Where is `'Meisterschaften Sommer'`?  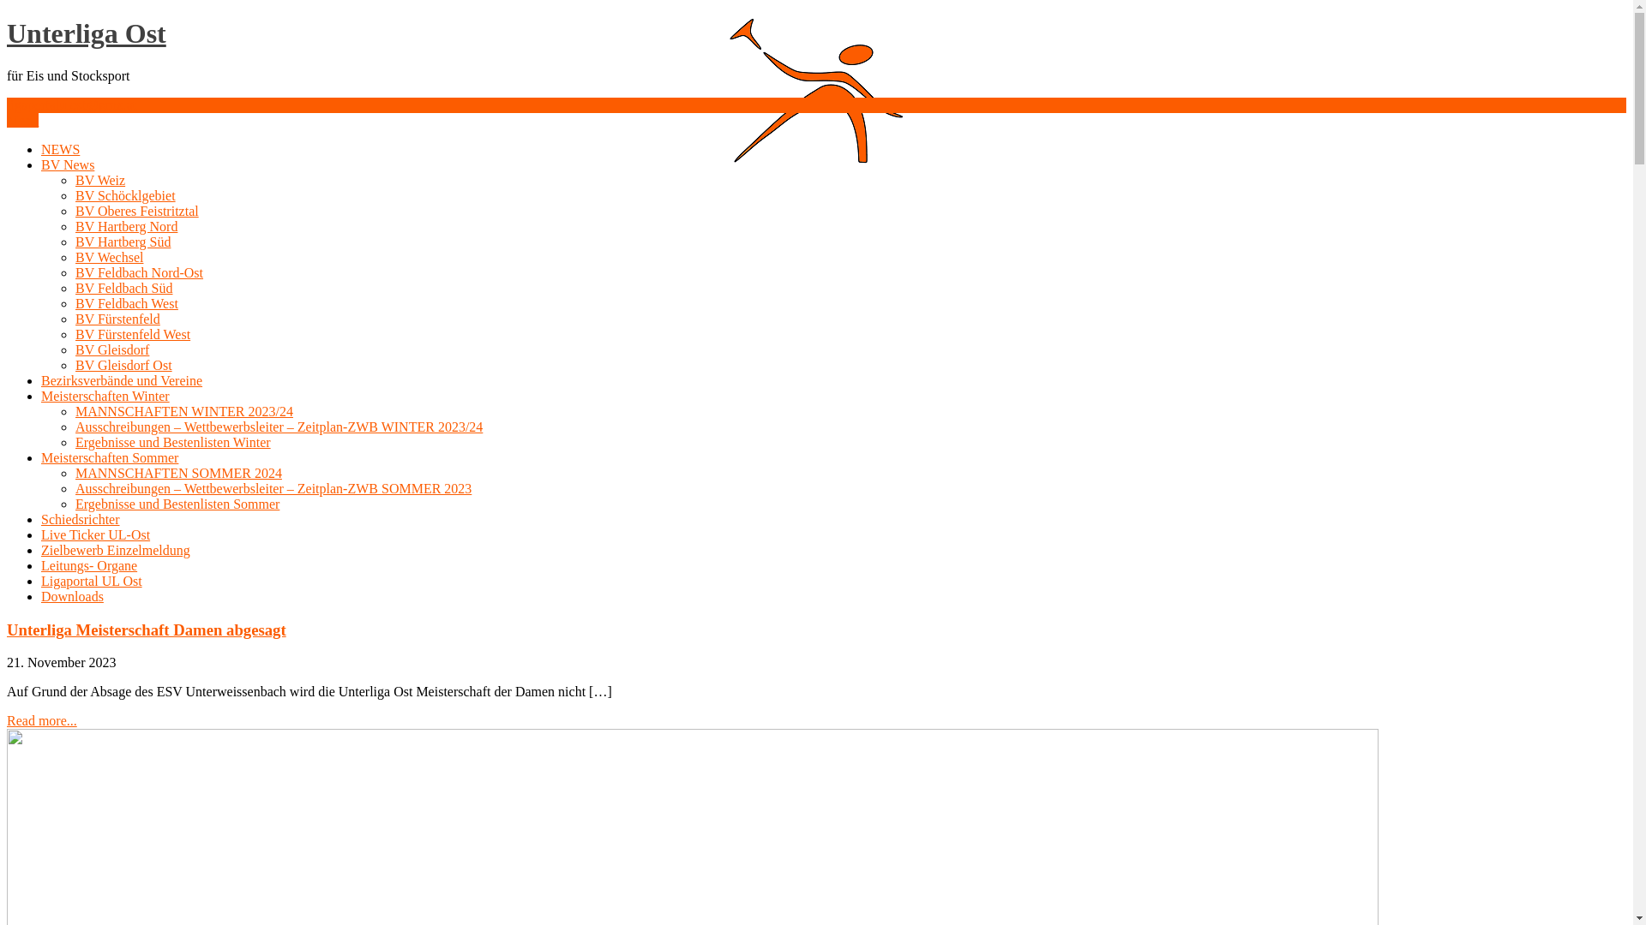 'Meisterschaften Sommer' is located at coordinates (41, 457).